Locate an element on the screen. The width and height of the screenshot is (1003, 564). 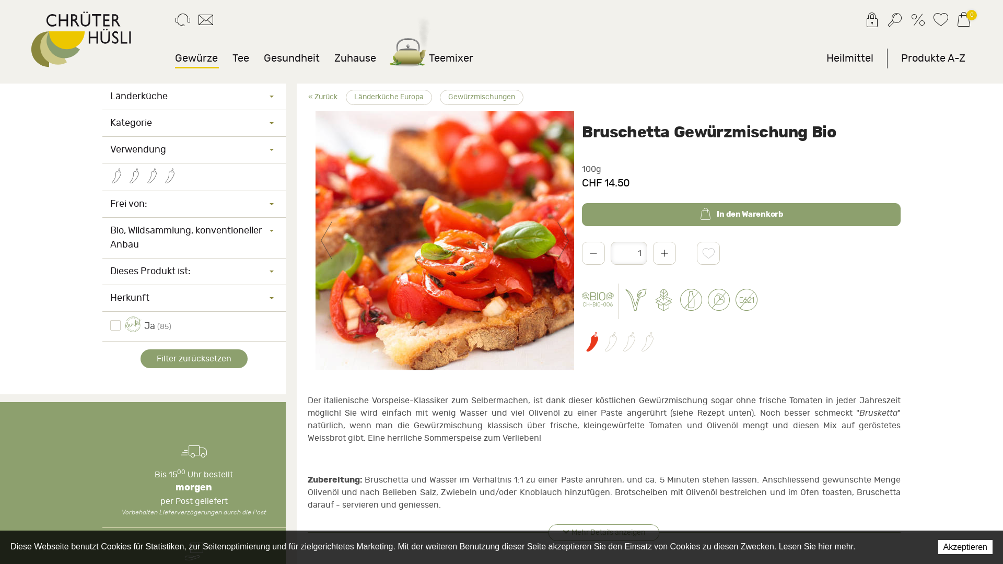
'E-mail' is located at coordinates (205, 22).